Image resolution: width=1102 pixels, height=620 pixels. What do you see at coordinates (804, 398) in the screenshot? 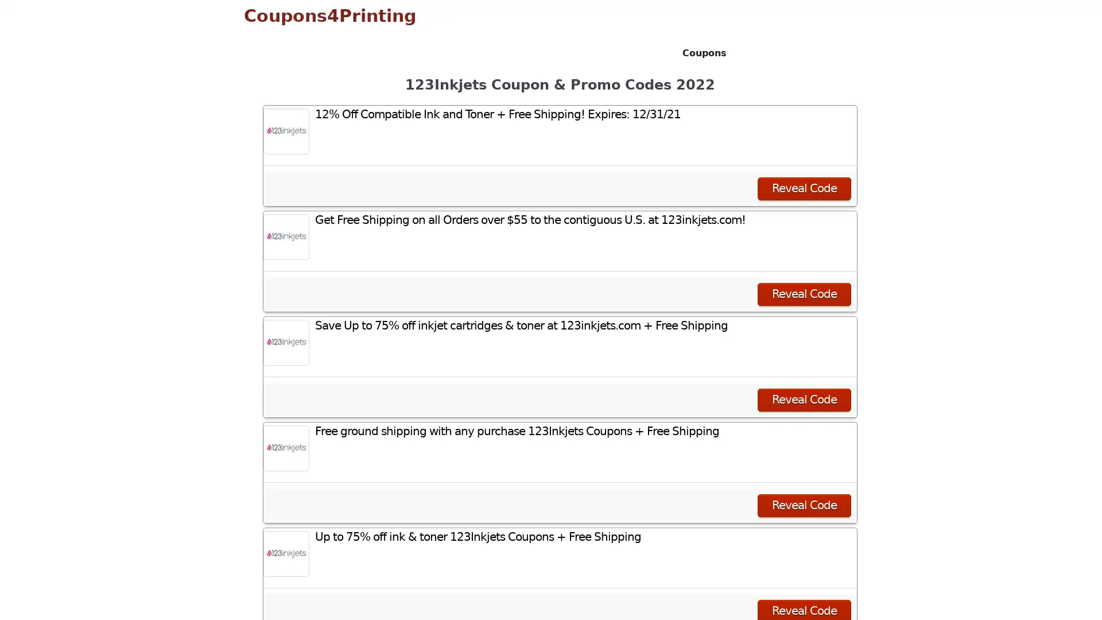
I see `Reveal Code` at bounding box center [804, 398].